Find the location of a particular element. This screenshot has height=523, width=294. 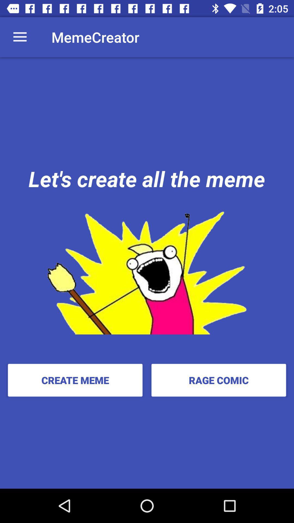

the rage comic item is located at coordinates (218, 380).